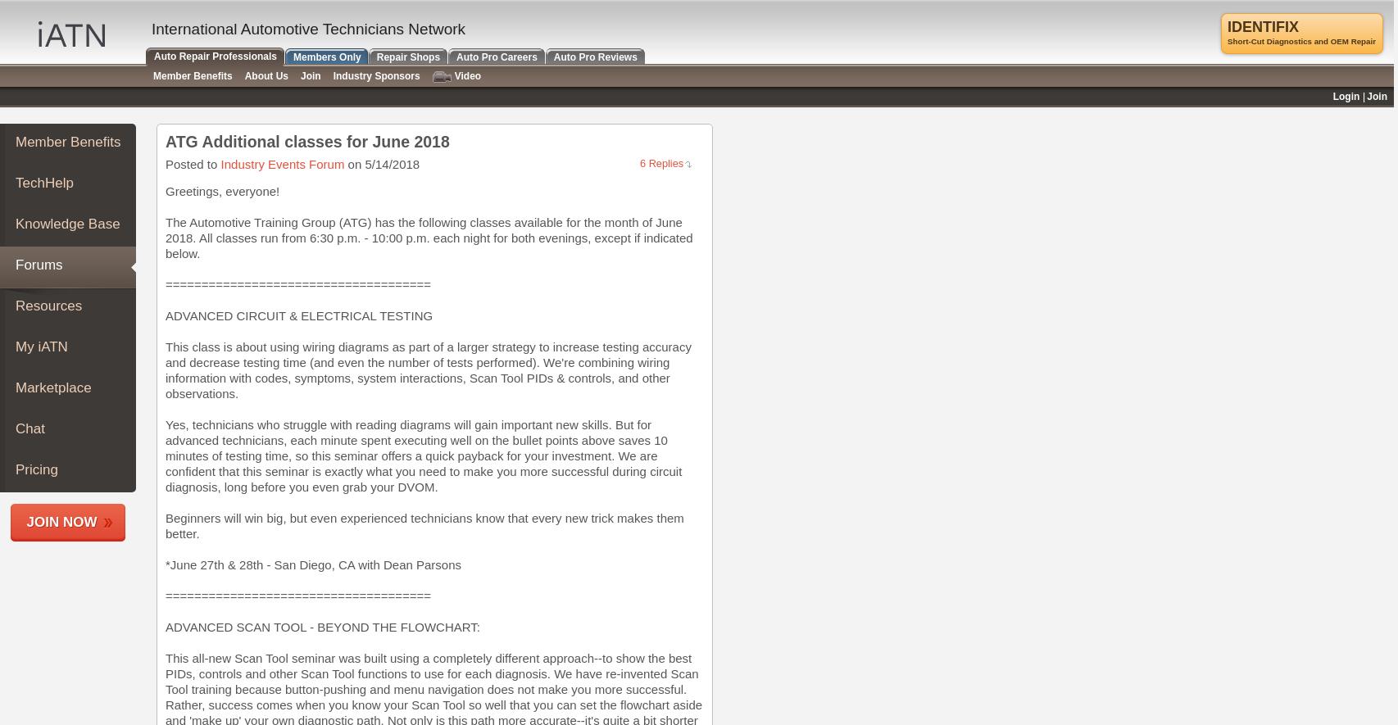 The image size is (1398, 725). Describe the element at coordinates (1345, 96) in the screenshot. I see `'Login'` at that location.